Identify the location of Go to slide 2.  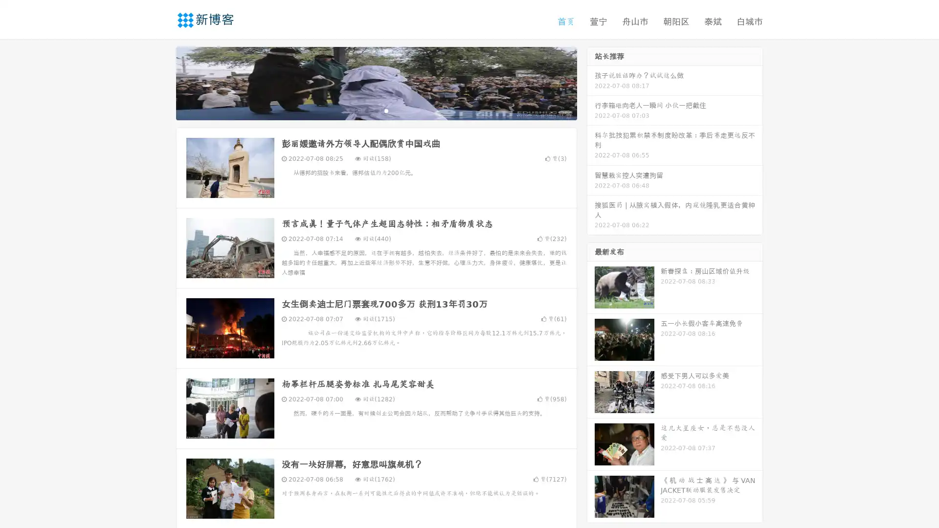
(376, 110).